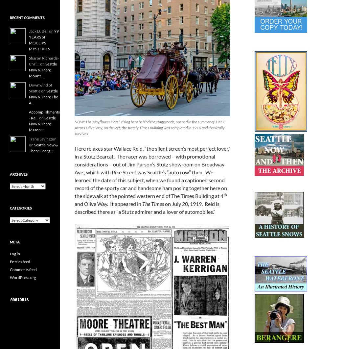  Describe the element at coordinates (29, 96) in the screenshot. I see `'Seattle Now & Then: The A…'` at that location.